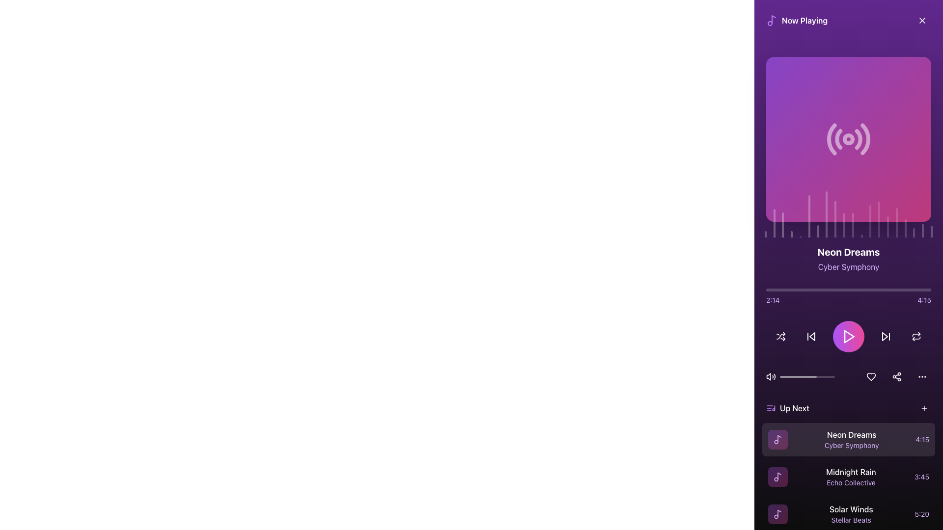  What do you see at coordinates (838, 139) in the screenshot?
I see `the second arc segment in the SVG graphic that is part of a circular pattern` at bounding box center [838, 139].